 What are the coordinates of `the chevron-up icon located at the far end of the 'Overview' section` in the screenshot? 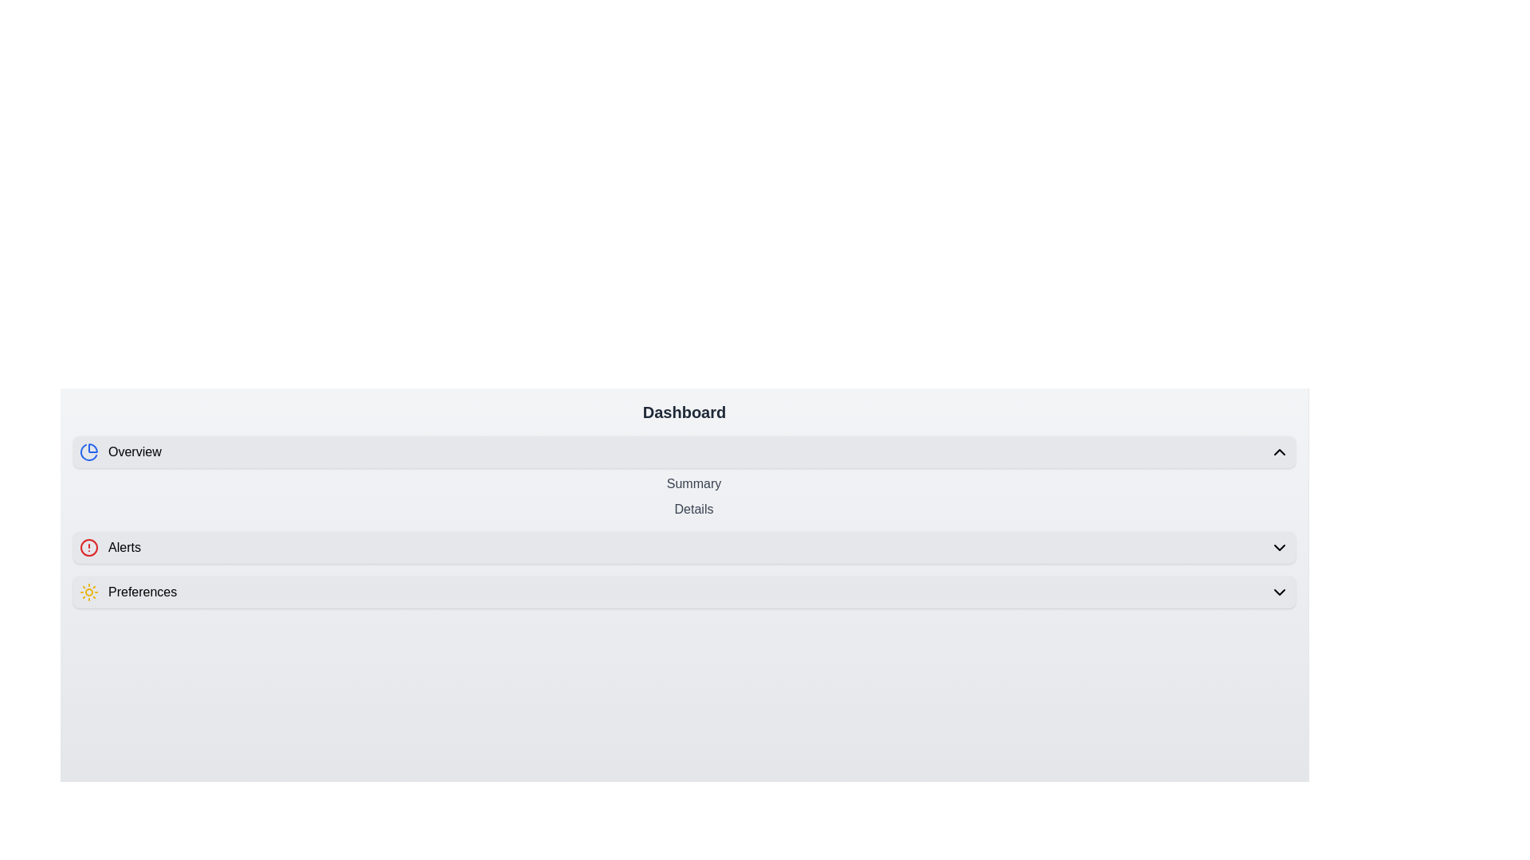 It's located at (1280, 451).